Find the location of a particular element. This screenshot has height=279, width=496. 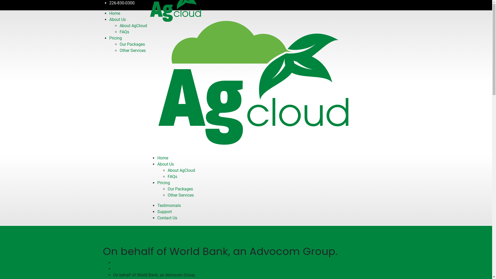

'Contact Us' is located at coordinates (167, 218).